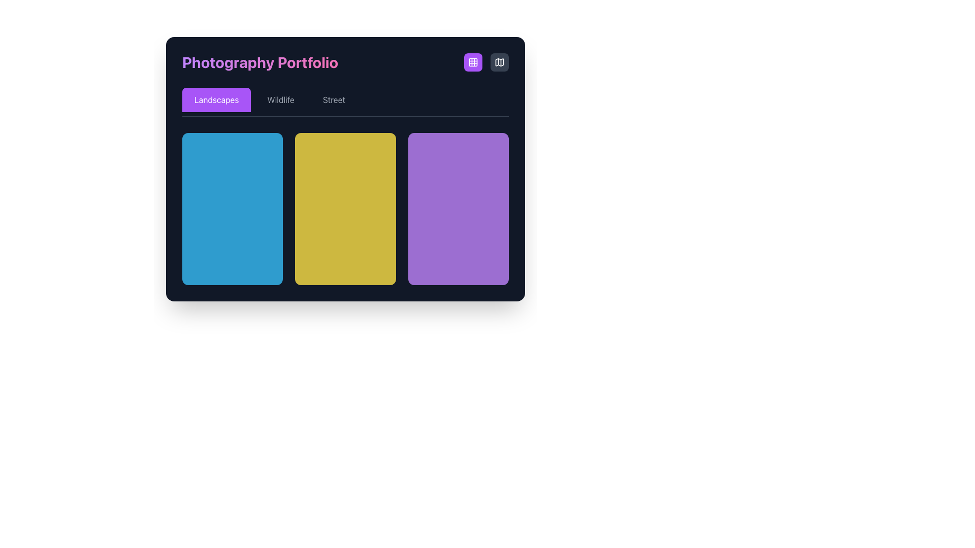  What do you see at coordinates (472, 62) in the screenshot?
I see `the toggle button for the grid view display mode located at the top-right section of the interface, adjacent to a gray button with a map-like icon` at bounding box center [472, 62].